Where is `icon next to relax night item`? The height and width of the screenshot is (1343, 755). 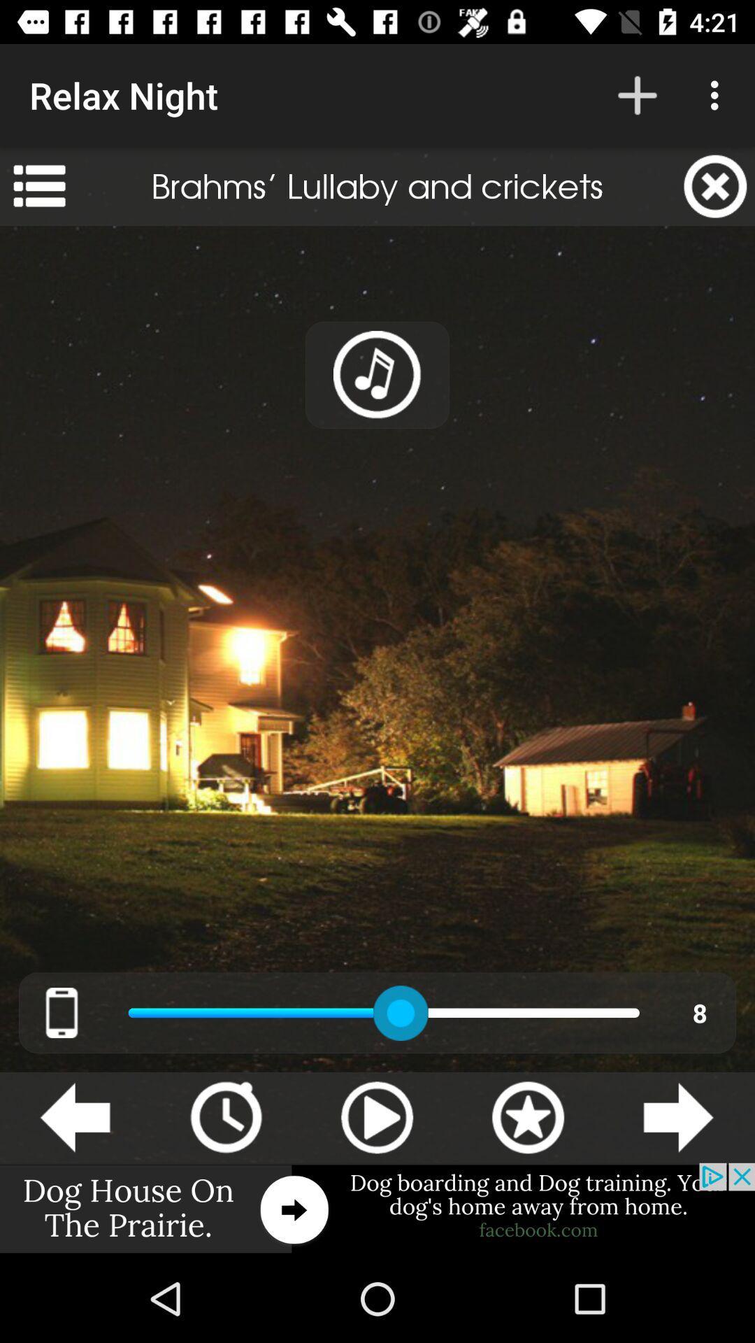
icon next to relax night item is located at coordinates (637, 94).